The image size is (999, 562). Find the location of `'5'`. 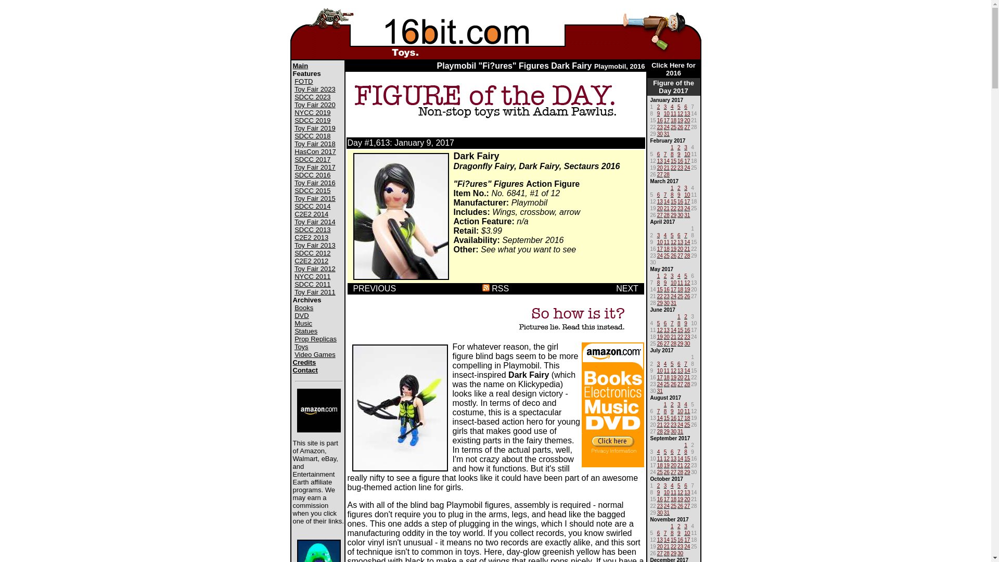

'5' is located at coordinates (679, 106).